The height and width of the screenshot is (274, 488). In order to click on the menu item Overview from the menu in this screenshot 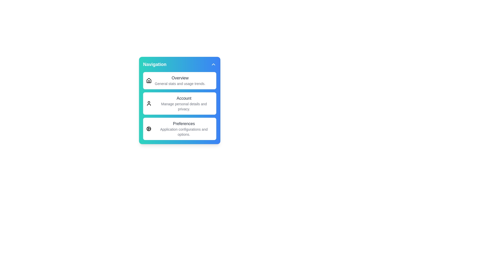, I will do `click(179, 80)`.